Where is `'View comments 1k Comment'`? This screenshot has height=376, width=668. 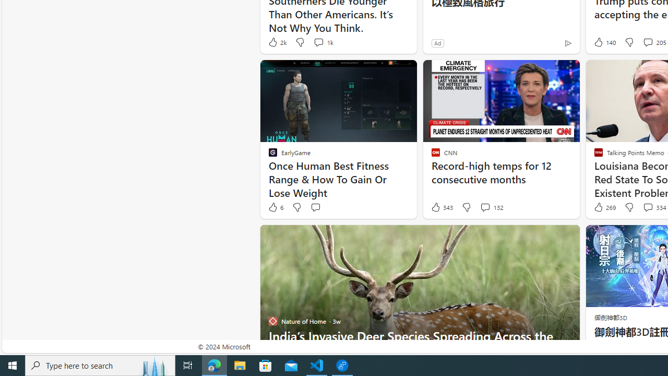
'View comments 1k Comment' is located at coordinates (318, 42).